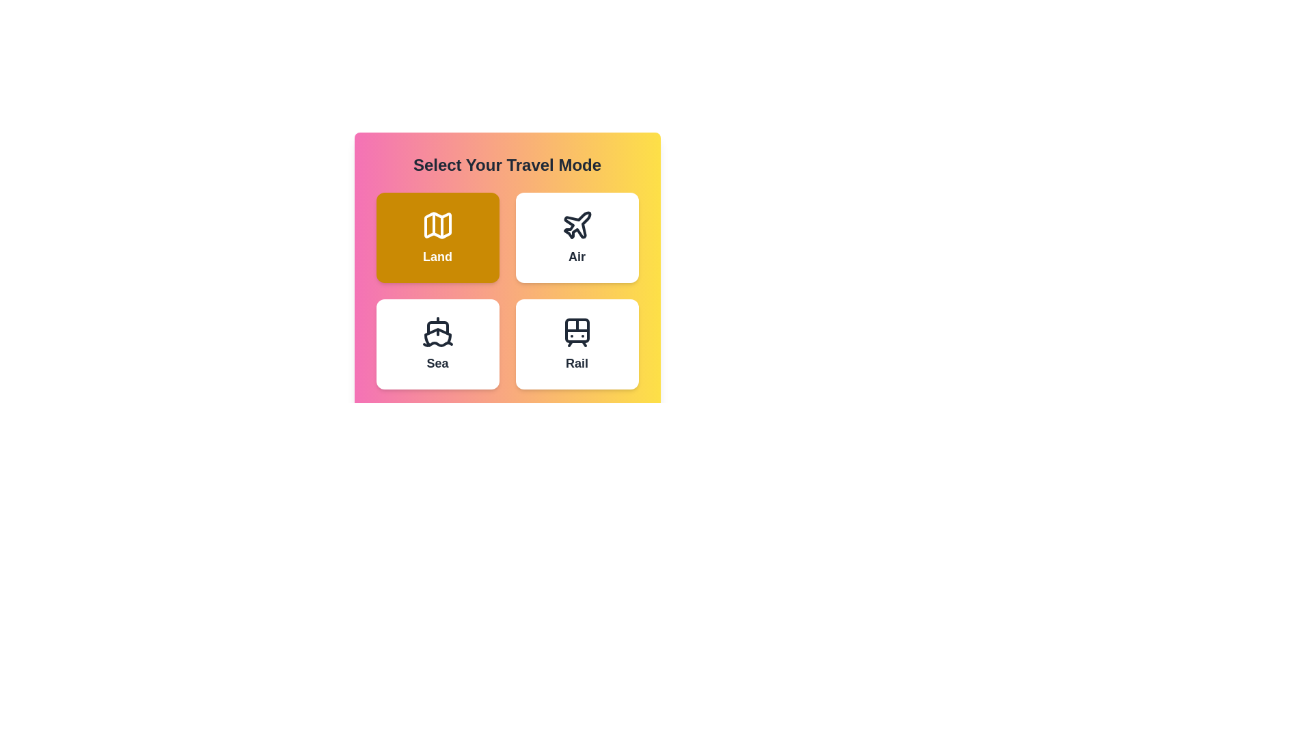 This screenshot has width=1312, height=738. Describe the element at coordinates (577, 344) in the screenshot. I see `the button corresponding to the travel mode Rail` at that location.